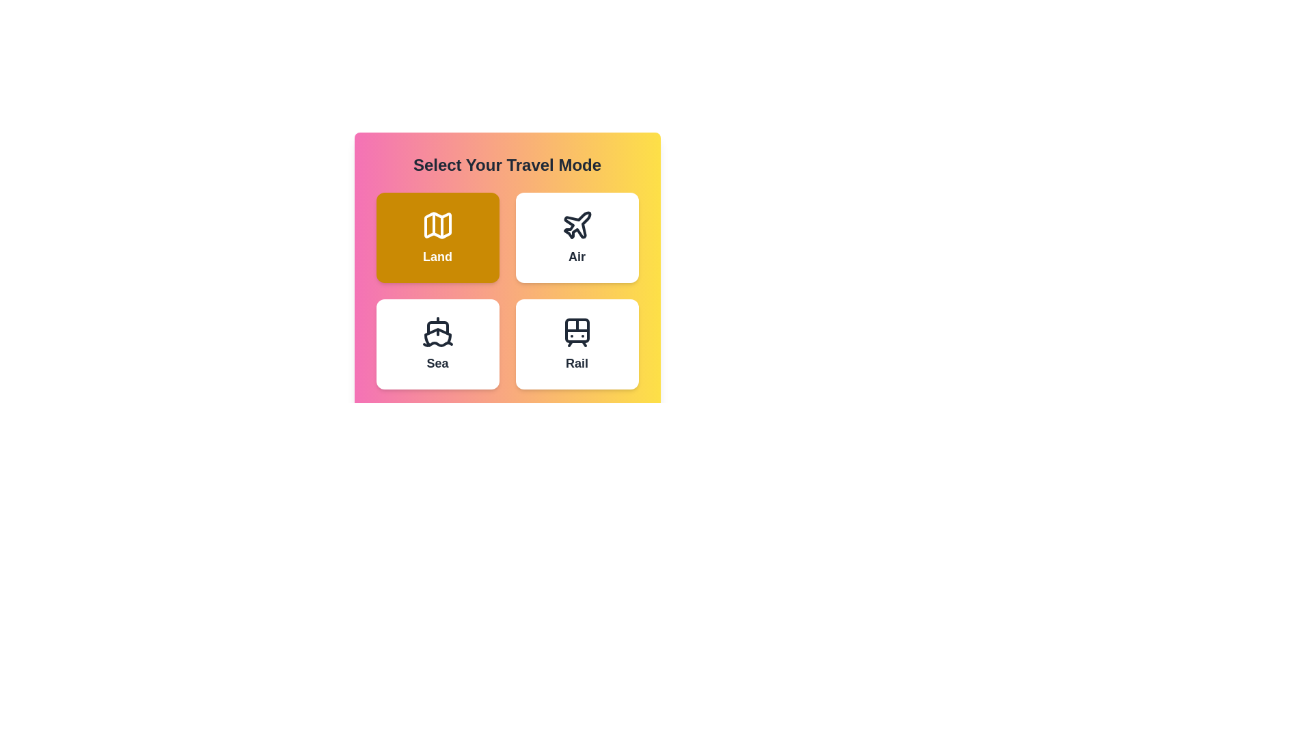 This screenshot has width=1312, height=738. Describe the element at coordinates (577, 344) in the screenshot. I see `the button corresponding to the travel mode Rail` at that location.